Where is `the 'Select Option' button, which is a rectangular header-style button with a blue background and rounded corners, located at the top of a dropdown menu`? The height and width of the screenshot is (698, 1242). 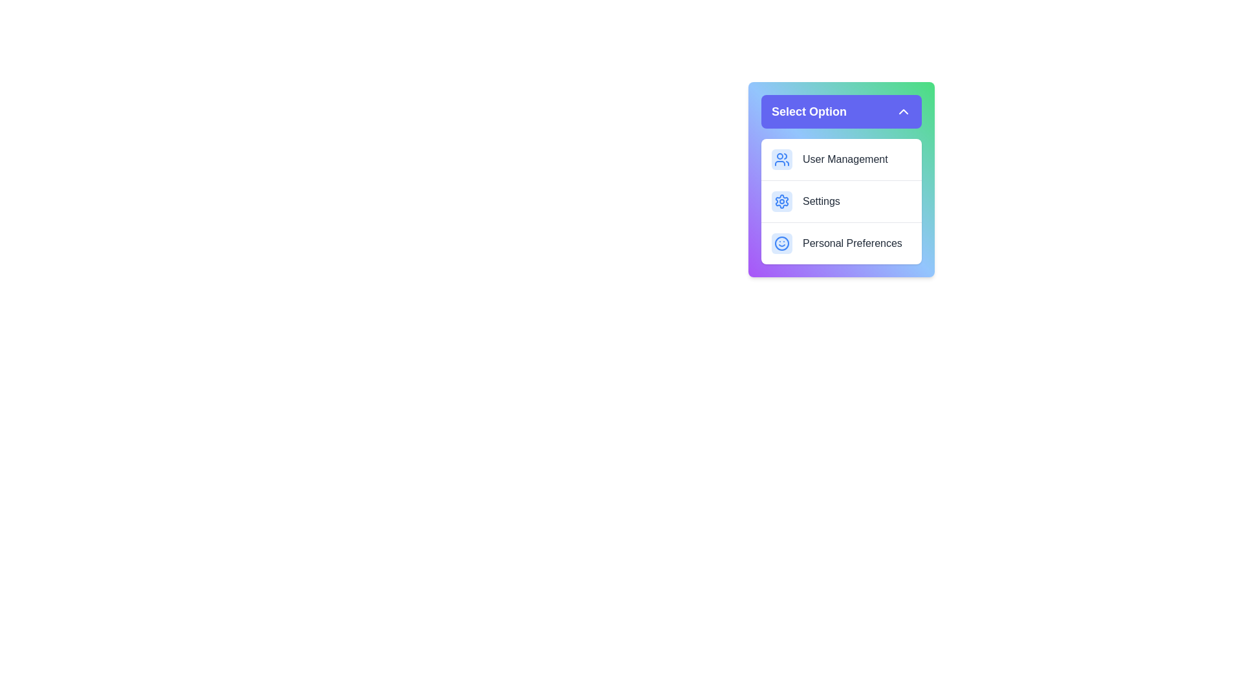 the 'Select Option' button, which is a rectangular header-style button with a blue background and rounded corners, located at the top of a dropdown menu is located at coordinates (841, 111).